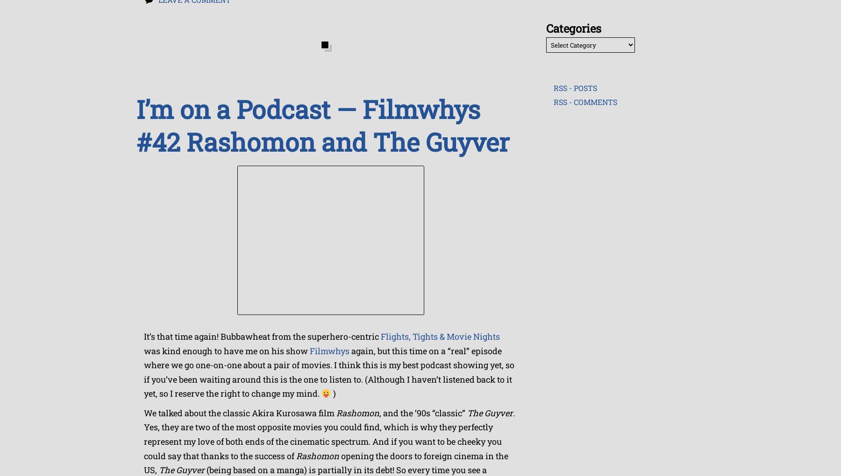 Image resolution: width=841 pixels, height=476 pixels. Describe the element at coordinates (332, 393) in the screenshot. I see `')'` at that location.